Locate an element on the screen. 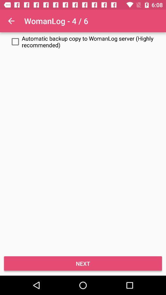 This screenshot has width=166, height=295. item below automatic backup copy icon is located at coordinates (83, 263).